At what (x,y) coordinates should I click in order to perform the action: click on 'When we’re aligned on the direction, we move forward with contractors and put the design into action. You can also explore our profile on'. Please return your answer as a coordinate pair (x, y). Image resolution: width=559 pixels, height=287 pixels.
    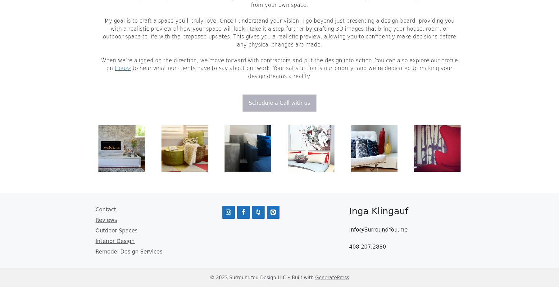
    Looking at the image, I should click on (279, 64).